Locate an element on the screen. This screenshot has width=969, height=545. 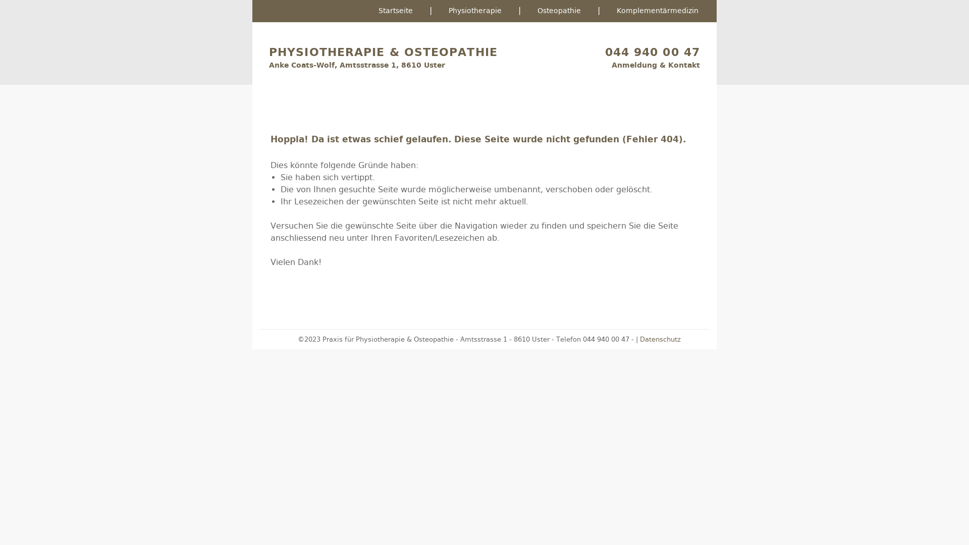
'Physiotherapie' is located at coordinates (474, 11).